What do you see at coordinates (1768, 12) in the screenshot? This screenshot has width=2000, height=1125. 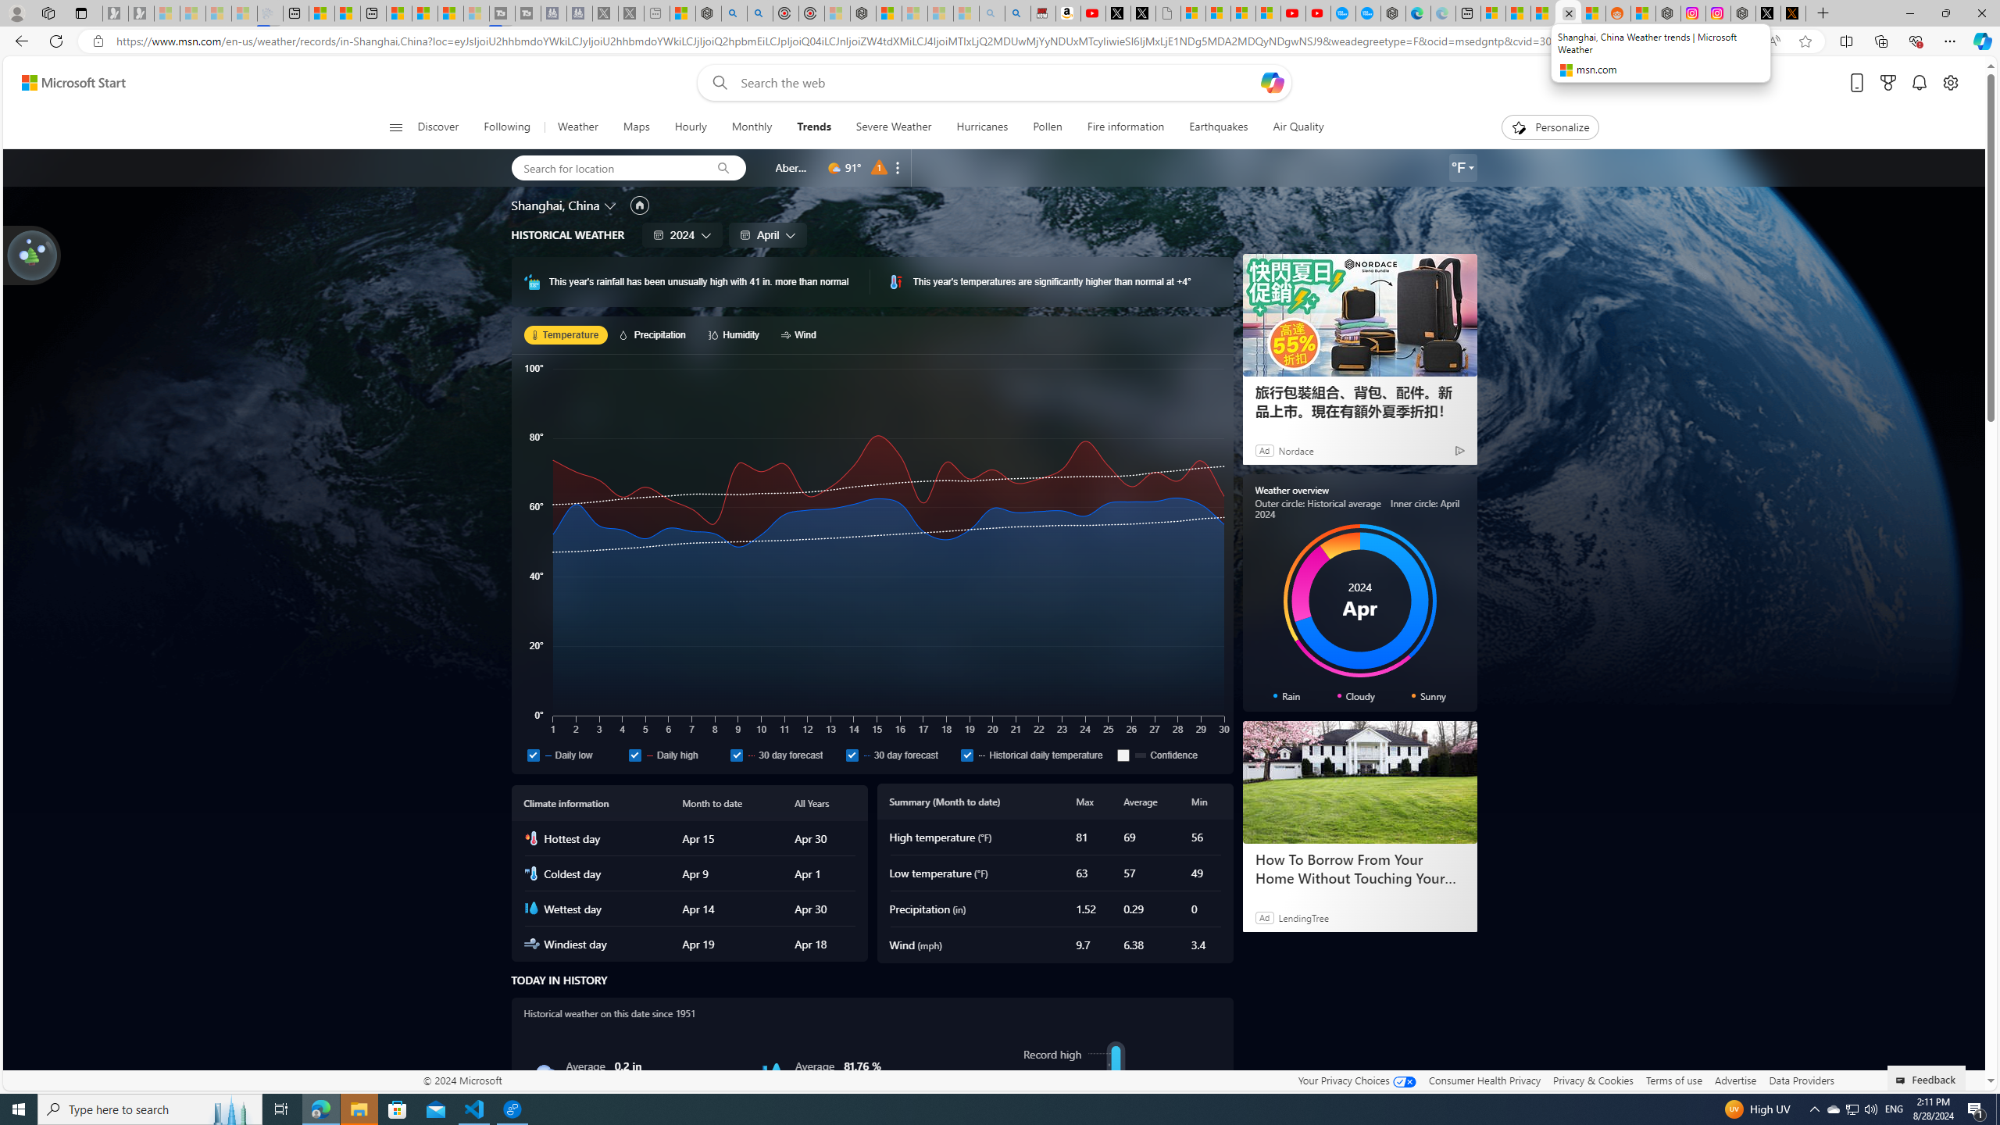 I see `'Nordace (@NordaceOfficial) / X'` at bounding box center [1768, 12].